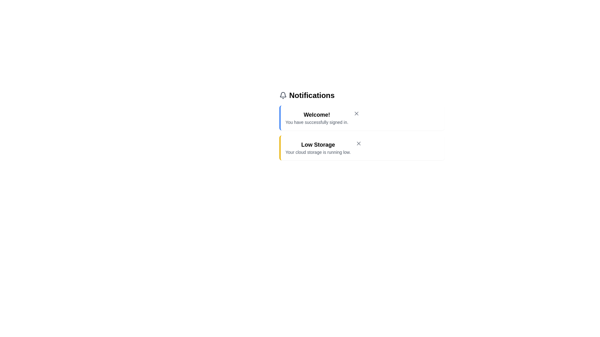 The width and height of the screenshot is (600, 337). Describe the element at coordinates (317, 122) in the screenshot. I see `the informational text label indicating successful sign-in, located in the notification card below 'Welcome!' and above the 'Notifications' title` at that location.